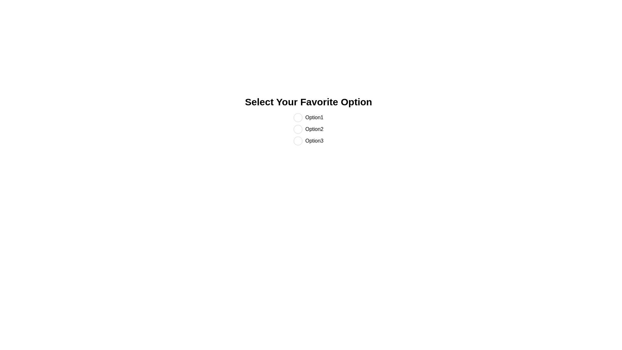 Image resolution: width=622 pixels, height=350 pixels. I want to click on the Text Label that serves as a descriptive header for the section, positioned centrally at the top above the list of options, so click(308, 102).